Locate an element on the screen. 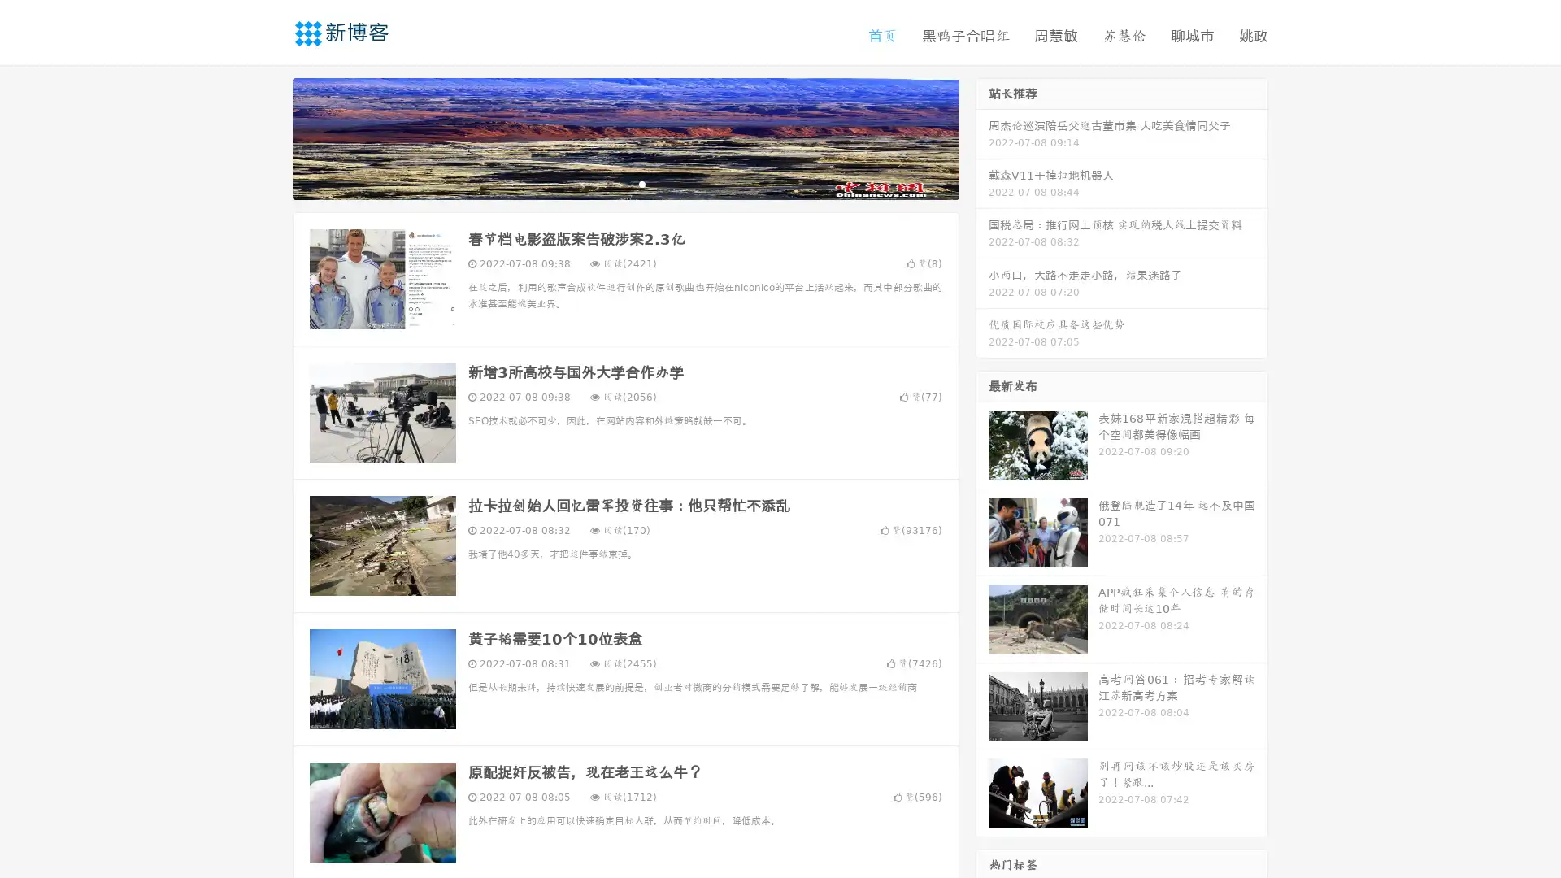 Image resolution: width=1561 pixels, height=878 pixels. Go to slide 3 is located at coordinates (641, 183).